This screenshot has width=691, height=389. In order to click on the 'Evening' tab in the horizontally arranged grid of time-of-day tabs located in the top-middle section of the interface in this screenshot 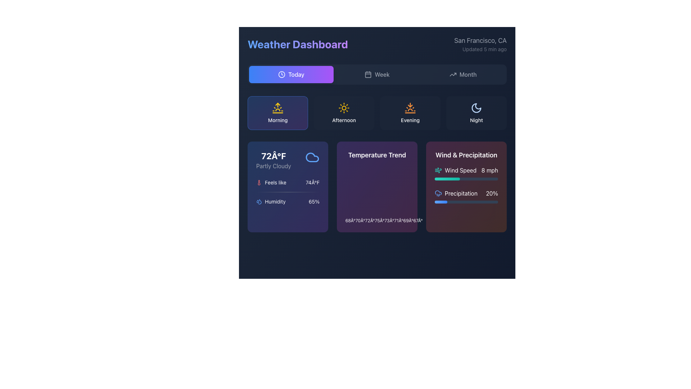, I will do `click(376, 113)`.